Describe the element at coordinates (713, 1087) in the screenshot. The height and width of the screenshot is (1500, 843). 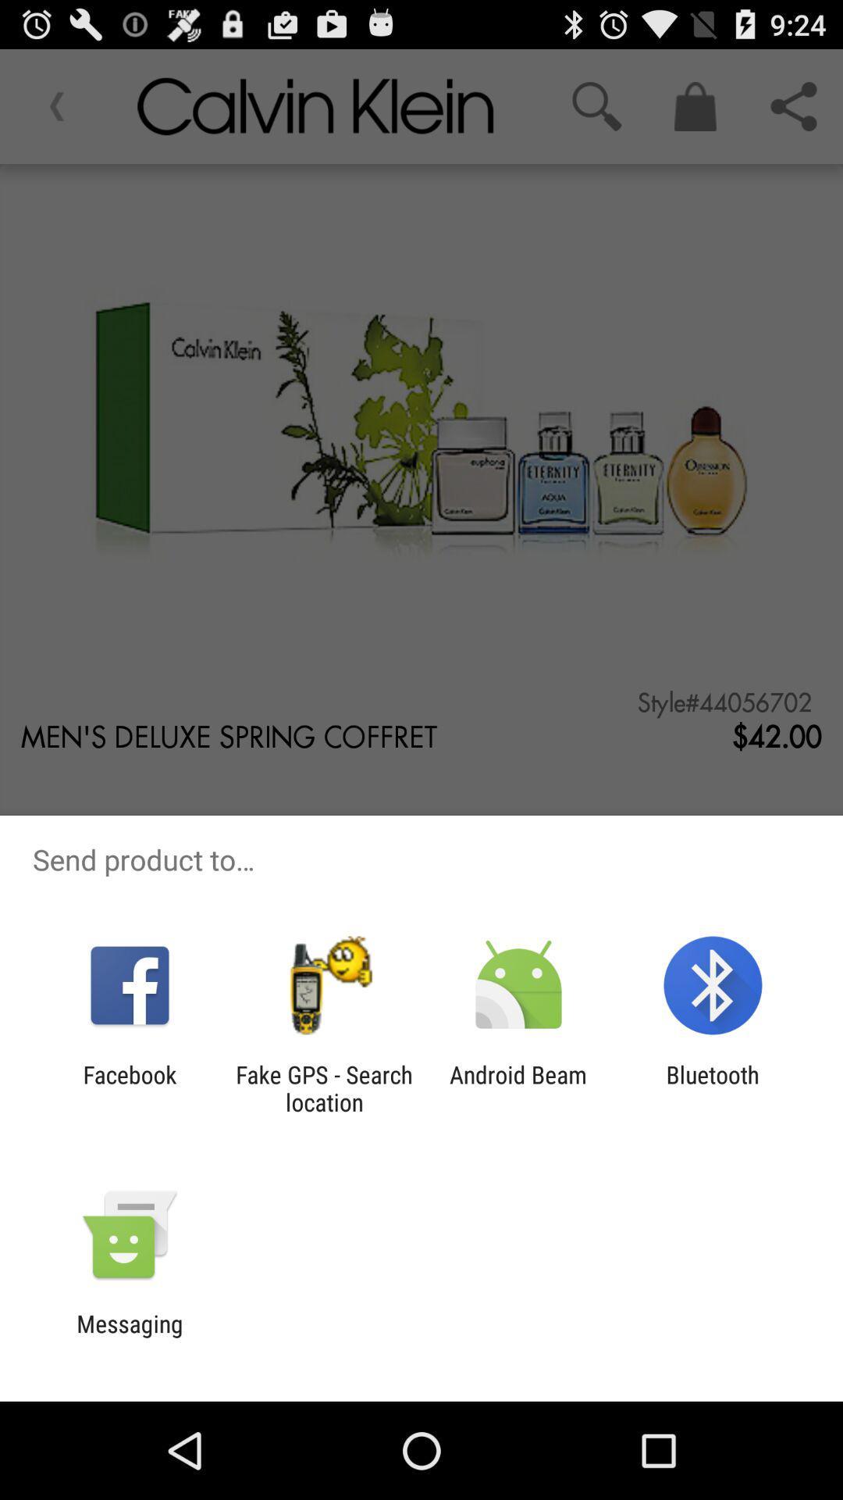
I see `the bluetooth item` at that location.